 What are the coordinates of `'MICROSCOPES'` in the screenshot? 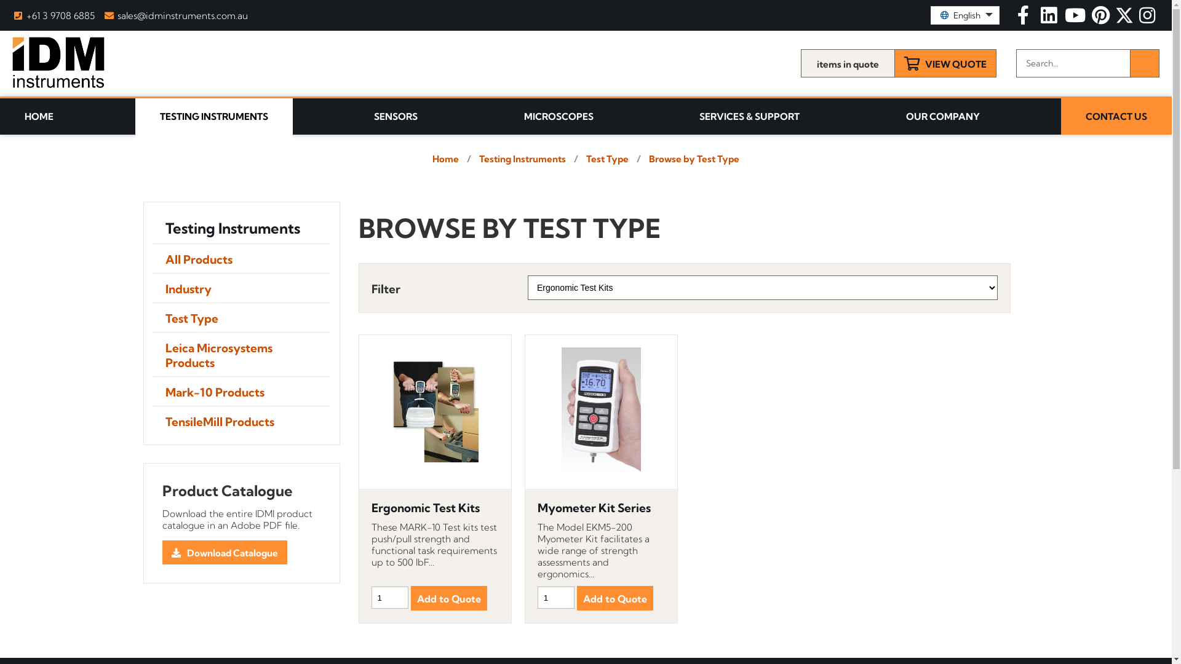 It's located at (558, 116).